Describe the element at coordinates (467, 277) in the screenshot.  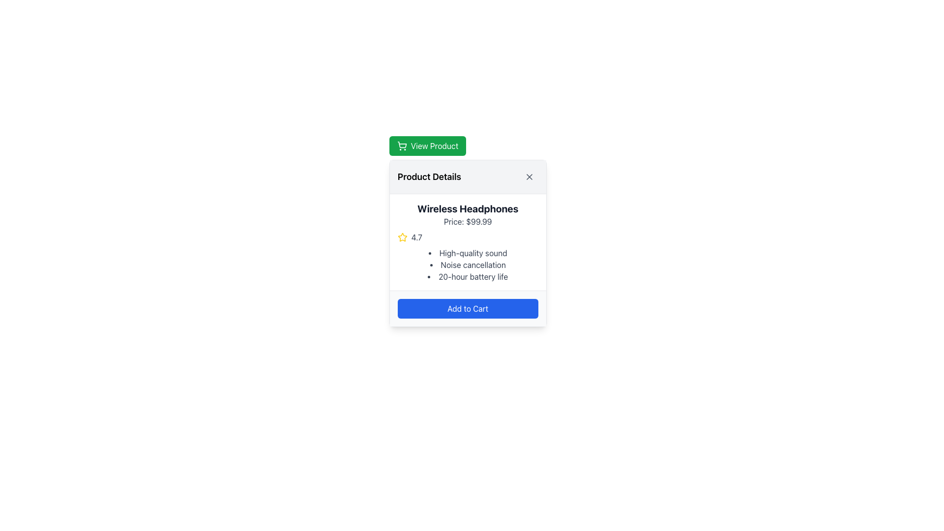
I see `information about the product feature, specifically the battery life duration of 20 hours, located in the third item of the bulleted list under the 'Product Details' panel` at that location.